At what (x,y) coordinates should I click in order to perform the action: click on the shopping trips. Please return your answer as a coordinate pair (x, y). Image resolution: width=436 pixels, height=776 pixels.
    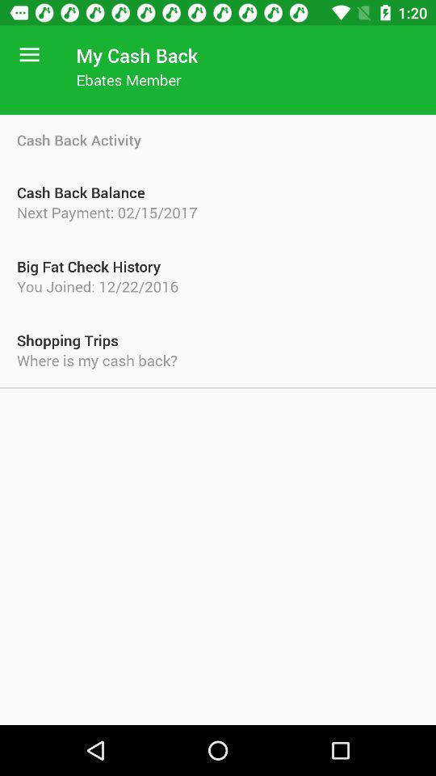
    Looking at the image, I should click on (218, 340).